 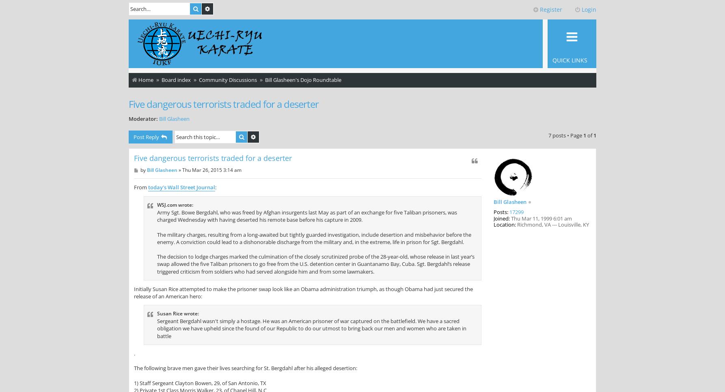 What do you see at coordinates (211, 169) in the screenshot?
I see `'Thu Mar 26, 2015 3:14 am'` at bounding box center [211, 169].